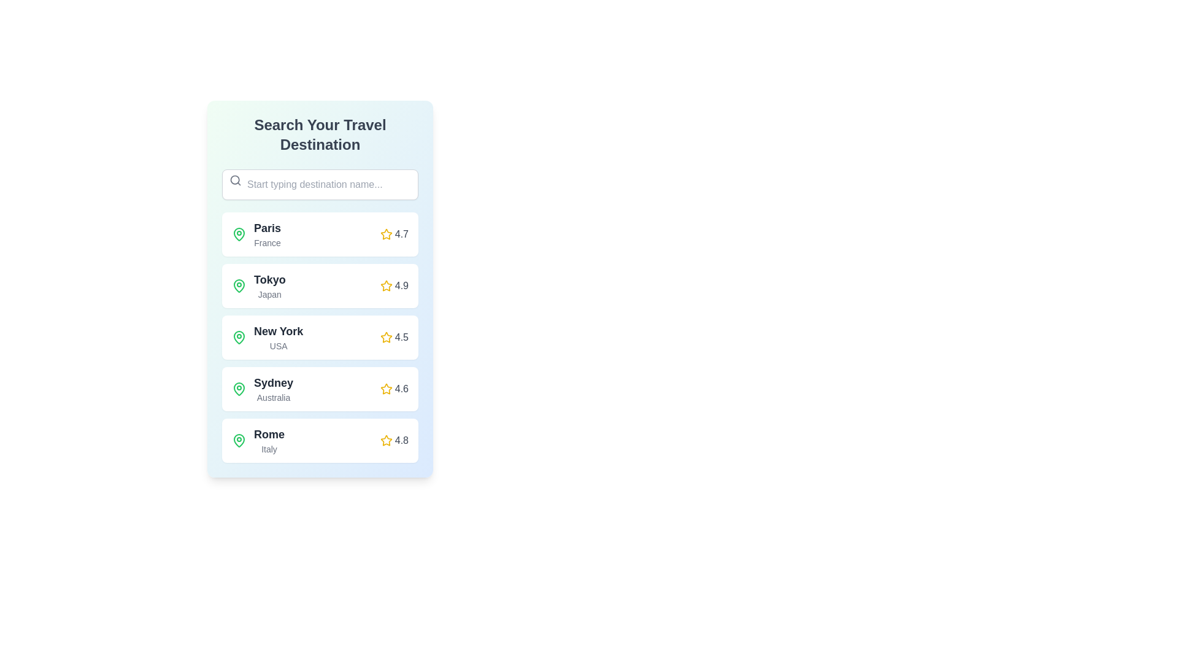 The height and width of the screenshot is (663, 1178). I want to click on the text label 'Sydney' which is prominently displayed in dark gray within a vertical list of cities on an information card, so click(273, 382).